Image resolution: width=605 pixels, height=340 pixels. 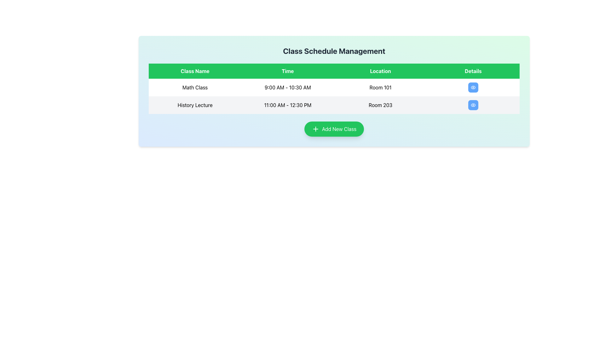 What do you see at coordinates (287, 105) in the screenshot?
I see `the text label displaying '11:00 AM - 12:30 PM' in the 'Time' column of the 'Class Schedule Management' table, which is located in the second row adjacent to 'History Lecture' and 'Room 203'` at bounding box center [287, 105].